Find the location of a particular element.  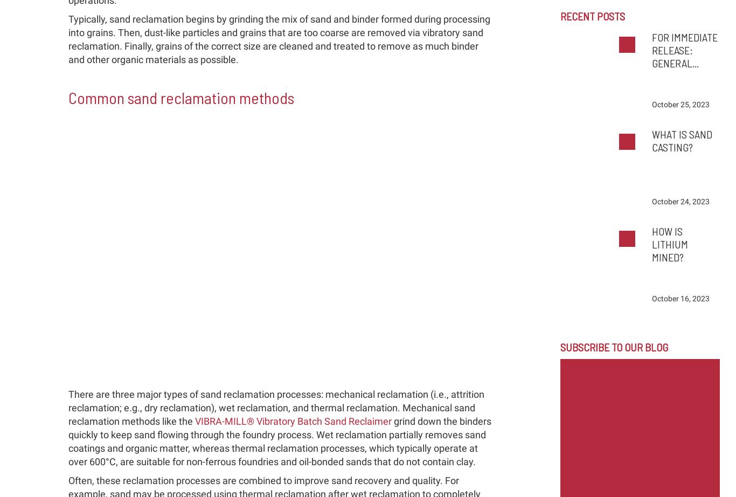

'October 25, 2023' is located at coordinates (679, 104).